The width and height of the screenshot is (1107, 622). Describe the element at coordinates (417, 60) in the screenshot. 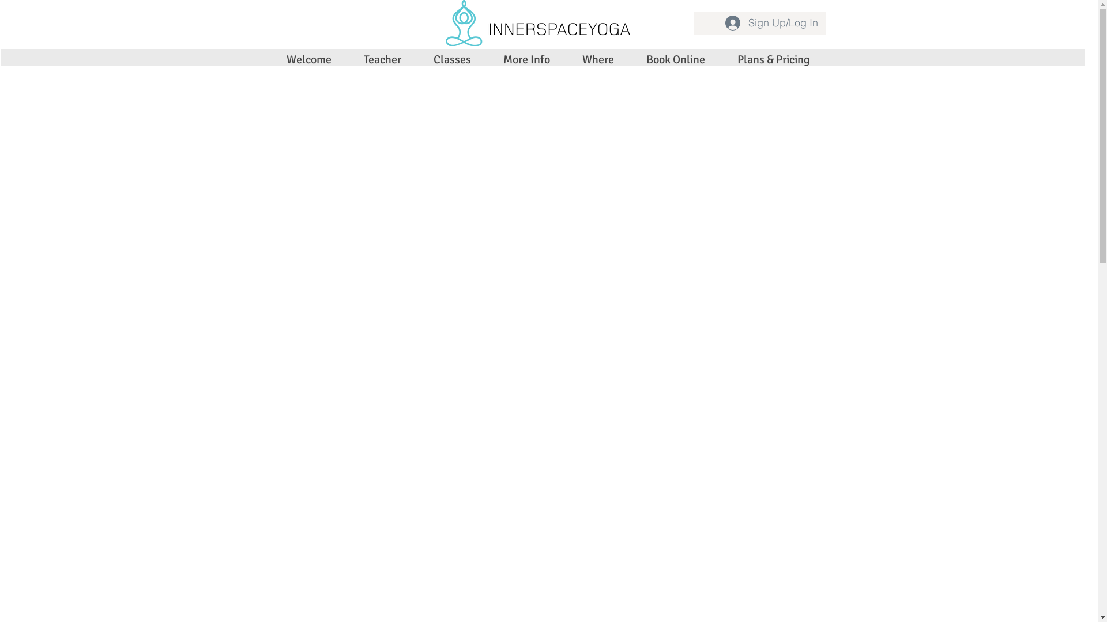

I see `'Classes'` at that location.